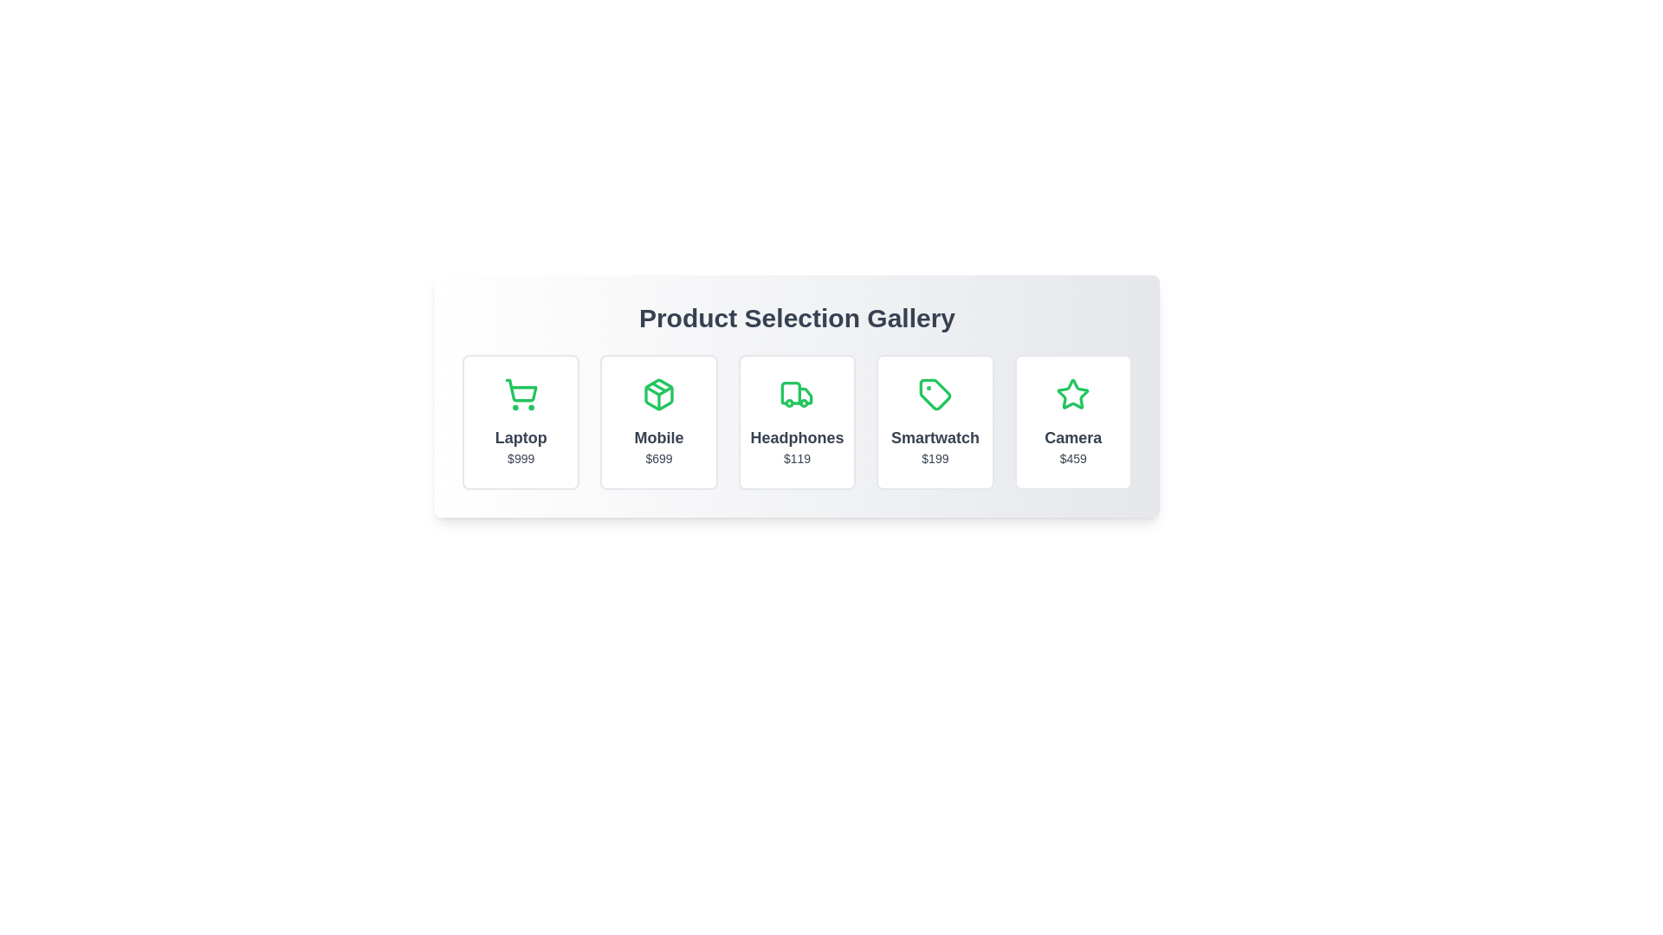 The height and width of the screenshot is (935, 1663). Describe the element at coordinates (934, 436) in the screenshot. I see `the text label displaying 'Smartwatch'` at that location.